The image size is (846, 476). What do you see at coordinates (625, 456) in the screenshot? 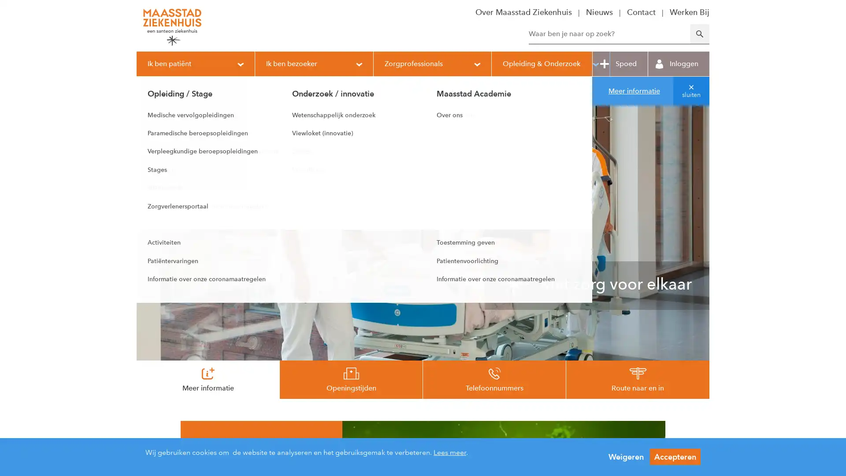
I see `Weigeren` at bounding box center [625, 456].